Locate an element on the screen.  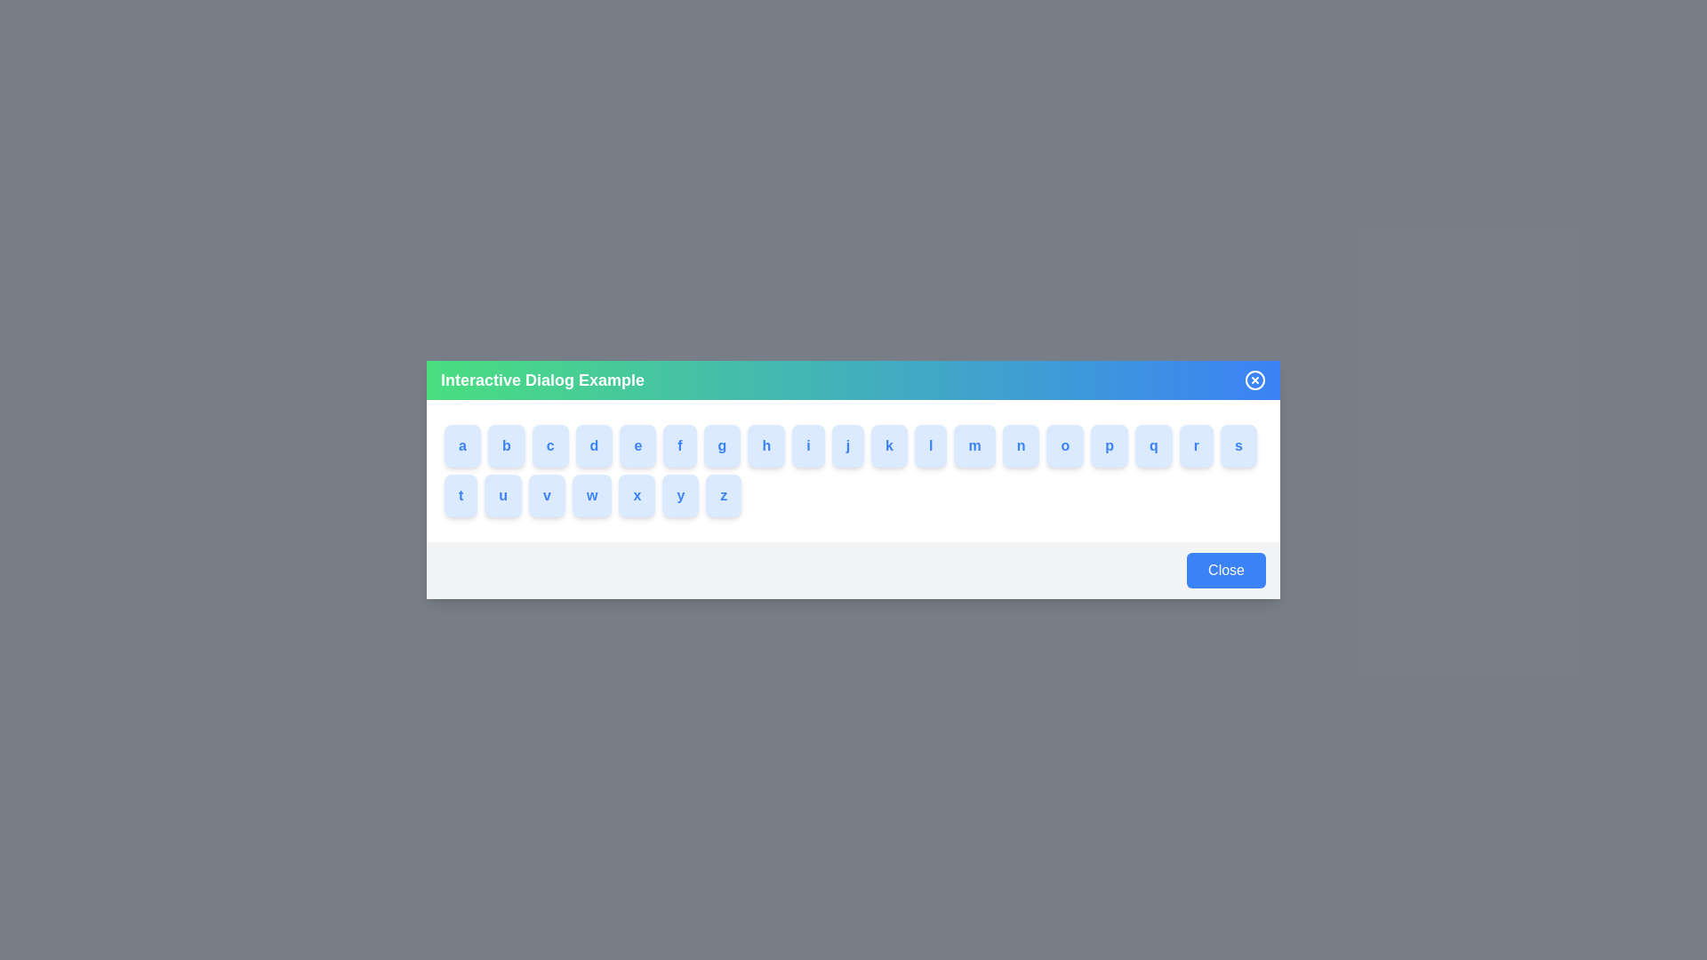
the button labeled with h is located at coordinates (773, 444).